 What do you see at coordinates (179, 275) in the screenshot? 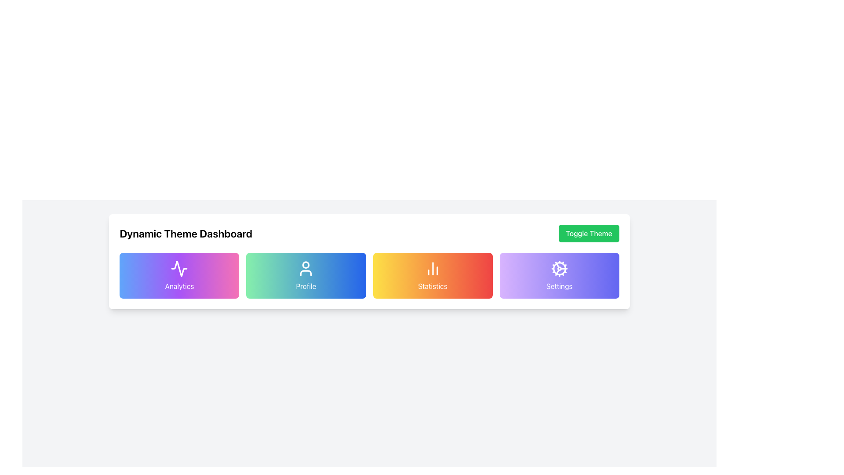
I see `the first navigational button in the grid` at bounding box center [179, 275].